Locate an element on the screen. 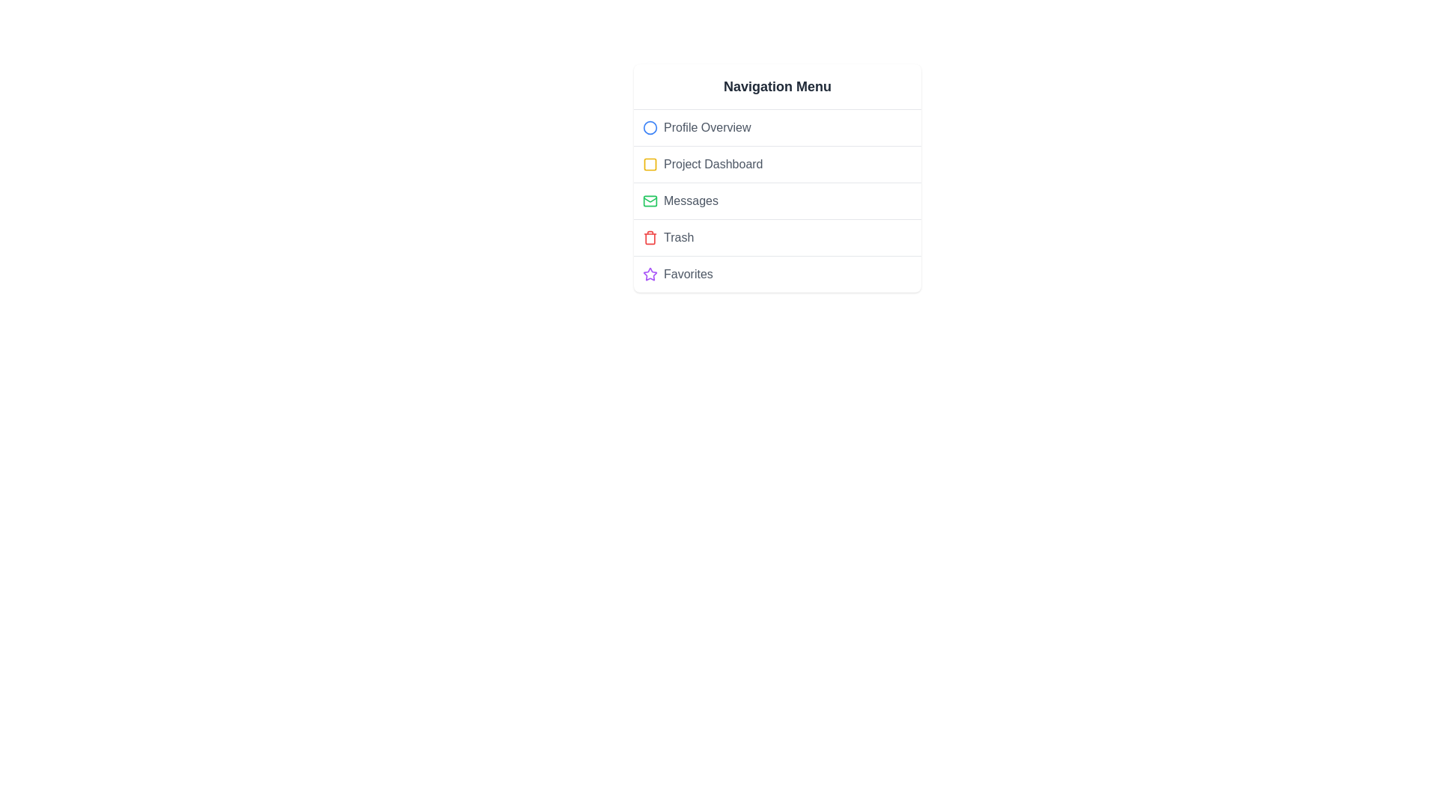  the menu item labeled Profile Overview is located at coordinates (777, 126).